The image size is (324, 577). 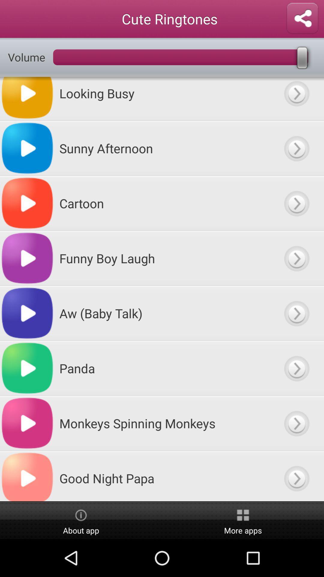 I want to click on menu, so click(x=296, y=313).